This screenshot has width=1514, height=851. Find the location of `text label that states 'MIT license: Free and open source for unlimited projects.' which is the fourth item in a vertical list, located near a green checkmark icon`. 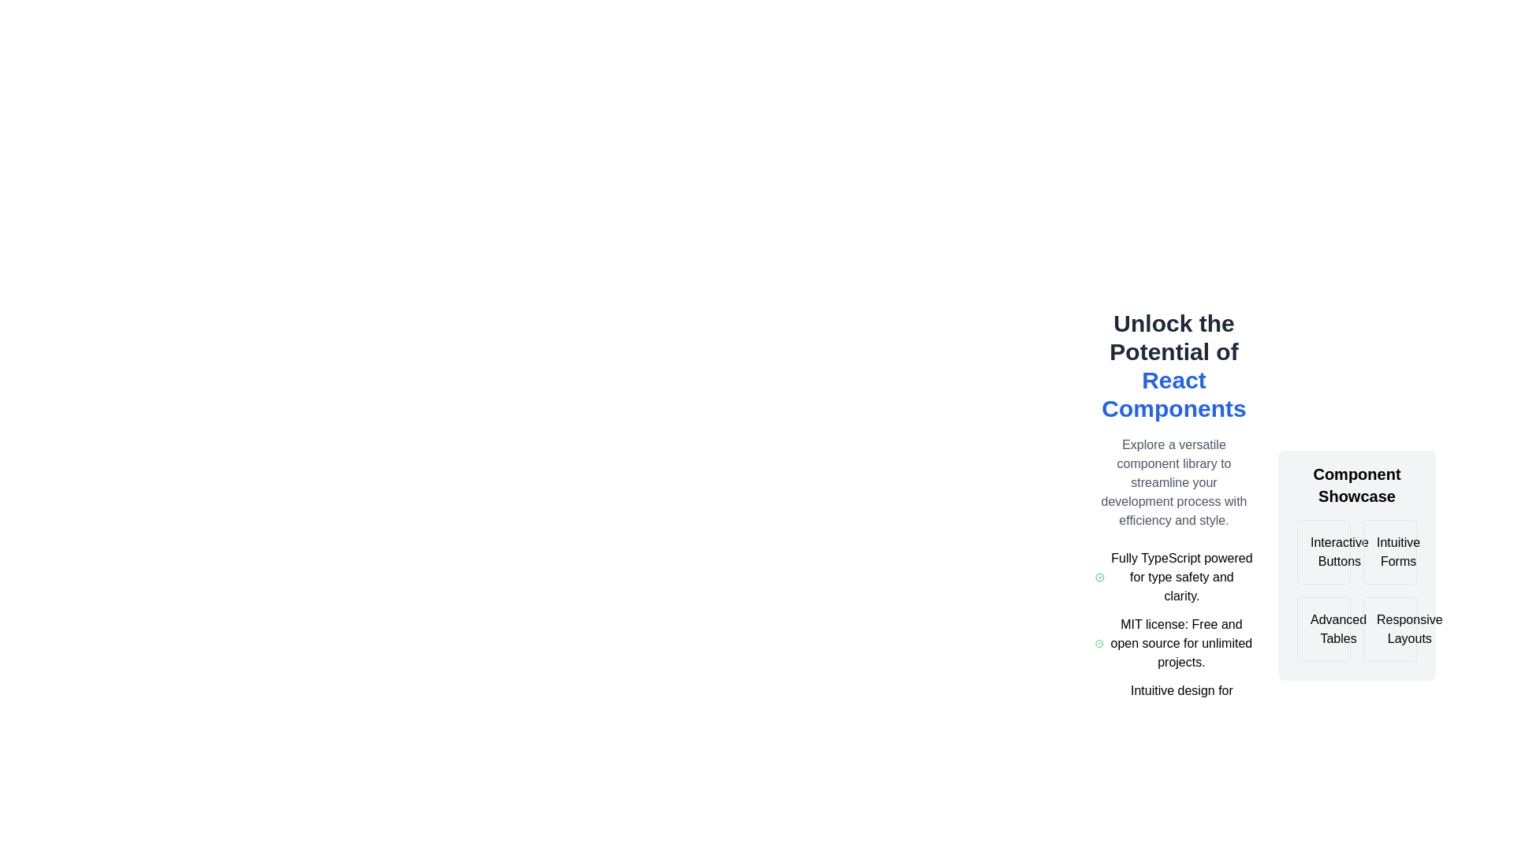

text label that states 'MIT license: Free and open source for unlimited projects.' which is the fourth item in a vertical list, located near a green checkmark icon is located at coordinates (1181, 644).